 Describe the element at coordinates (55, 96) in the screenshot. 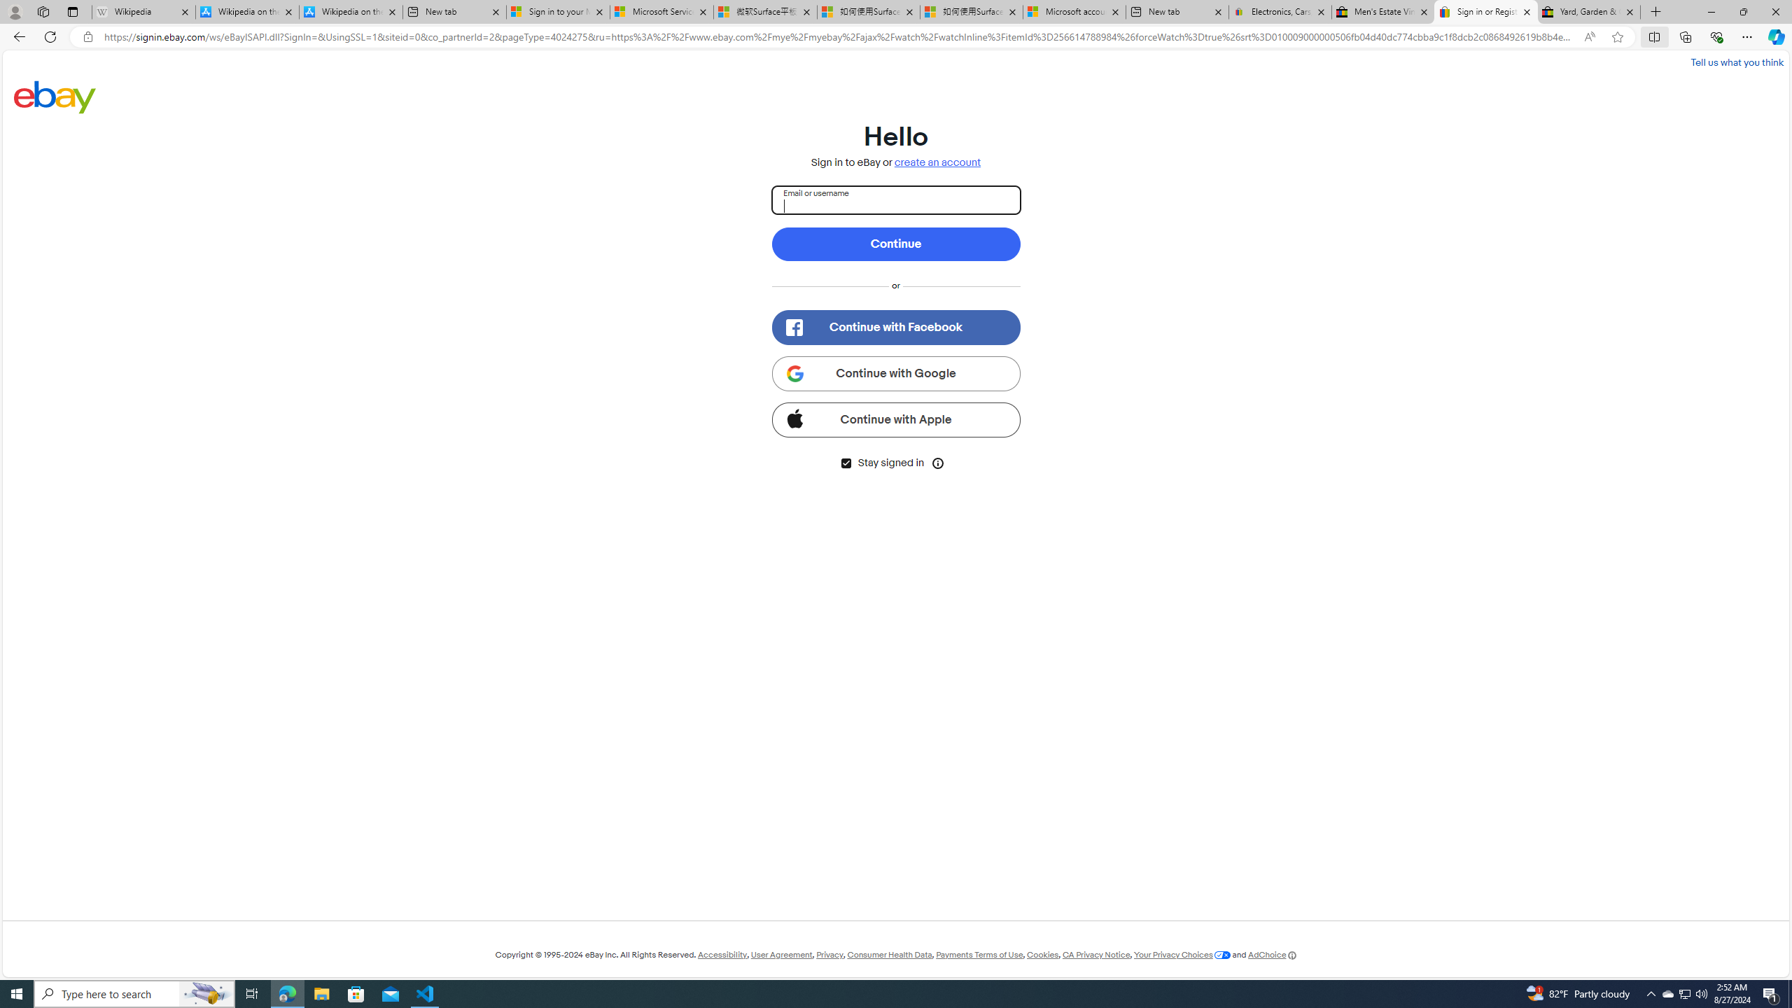

I see `'eBay Home'` at that location.